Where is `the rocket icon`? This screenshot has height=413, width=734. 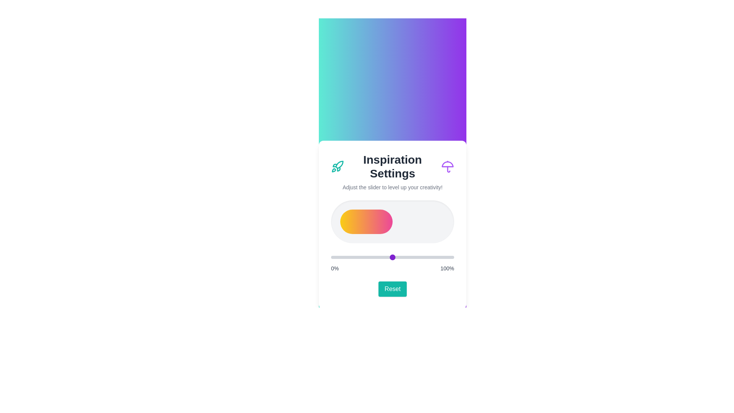
the rocket icon is located at coordinates (337, 166).